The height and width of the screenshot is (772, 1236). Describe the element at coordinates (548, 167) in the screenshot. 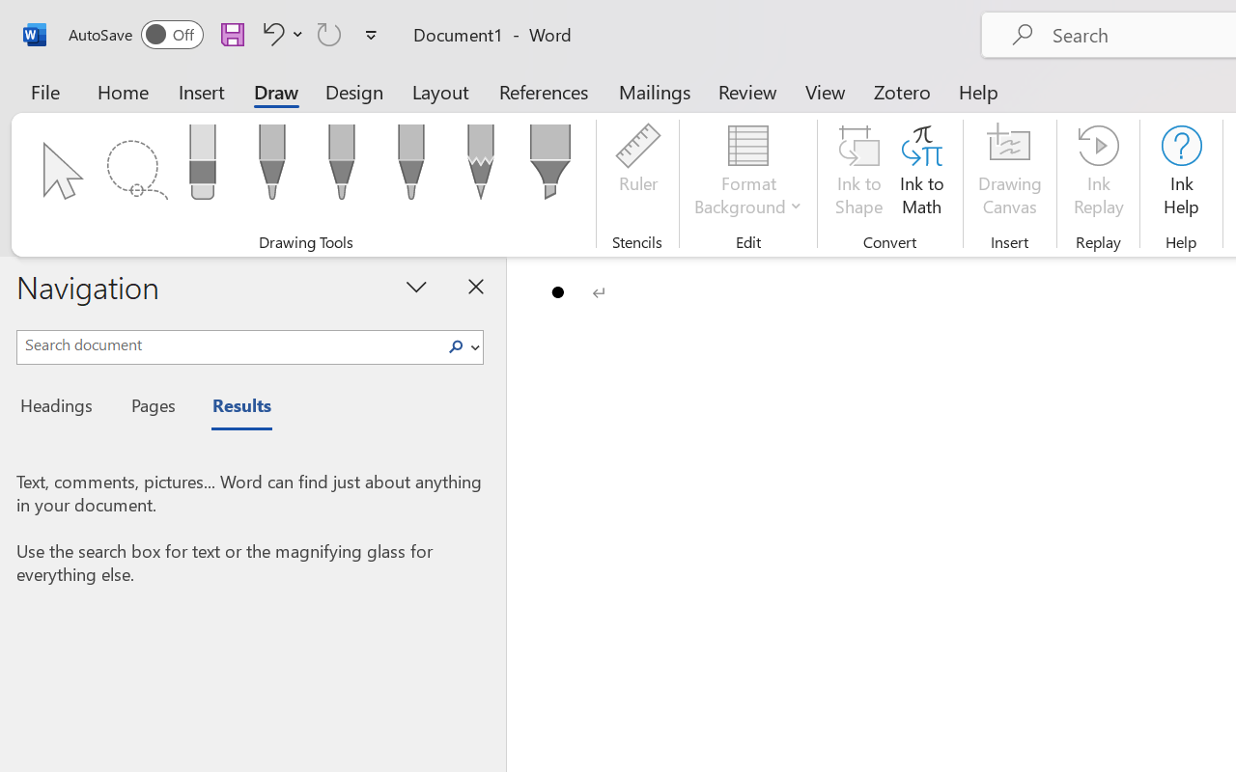

I see `'Highlighter: Yellow, 6 mm'` at that location.